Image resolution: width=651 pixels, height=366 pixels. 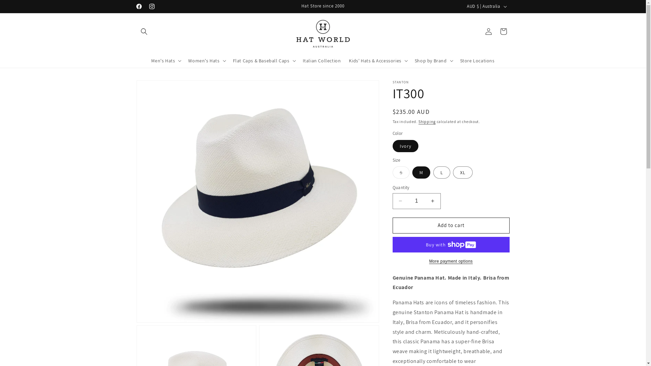 I want to click on 'Decrease quantity for IT300', so click(x=400, y=201).